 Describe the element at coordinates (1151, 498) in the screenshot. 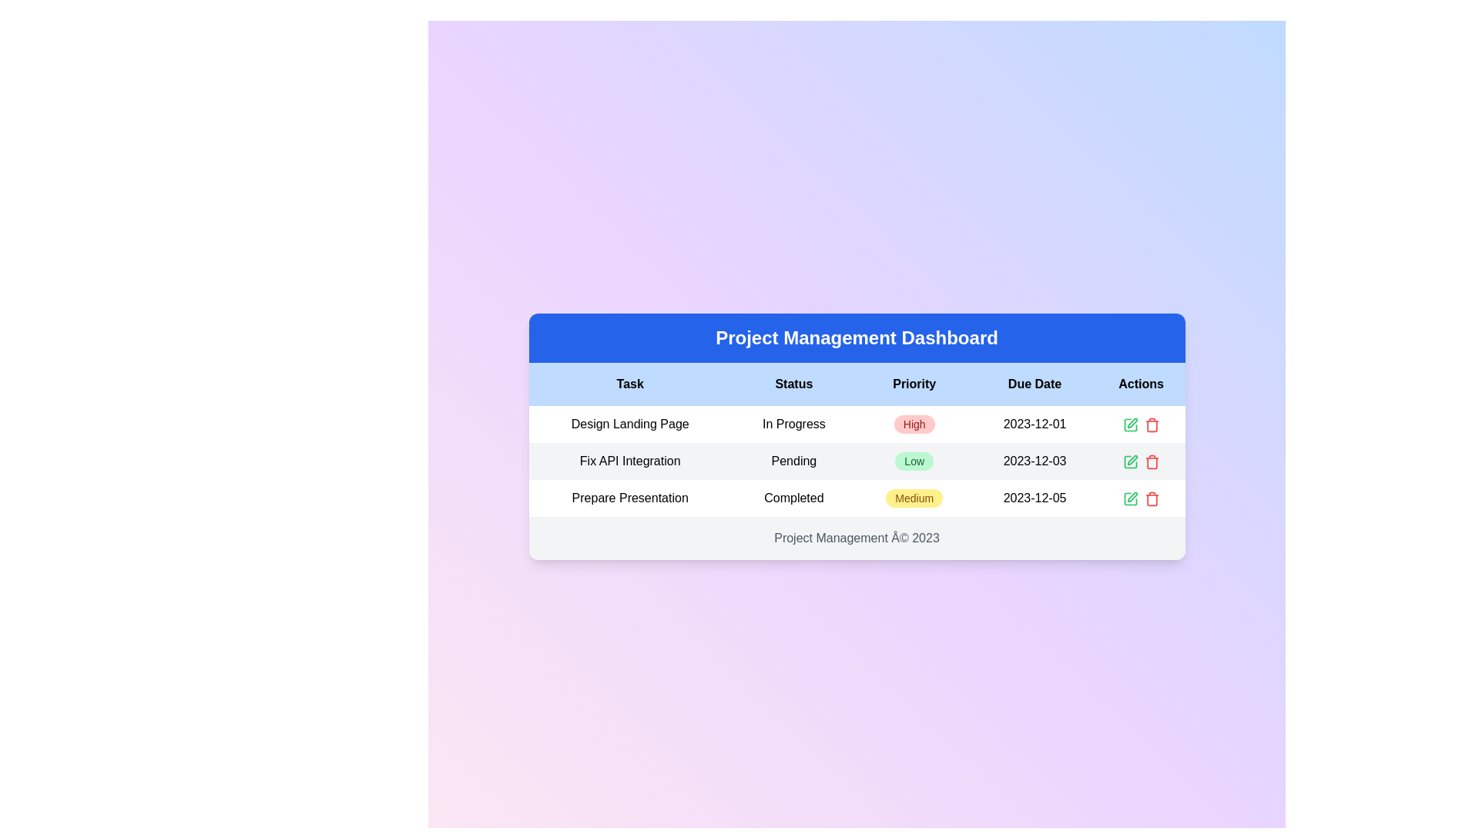

I see `the trash icon button in red at the end of the action icons in the 'Actions' column of the task table` at that location.